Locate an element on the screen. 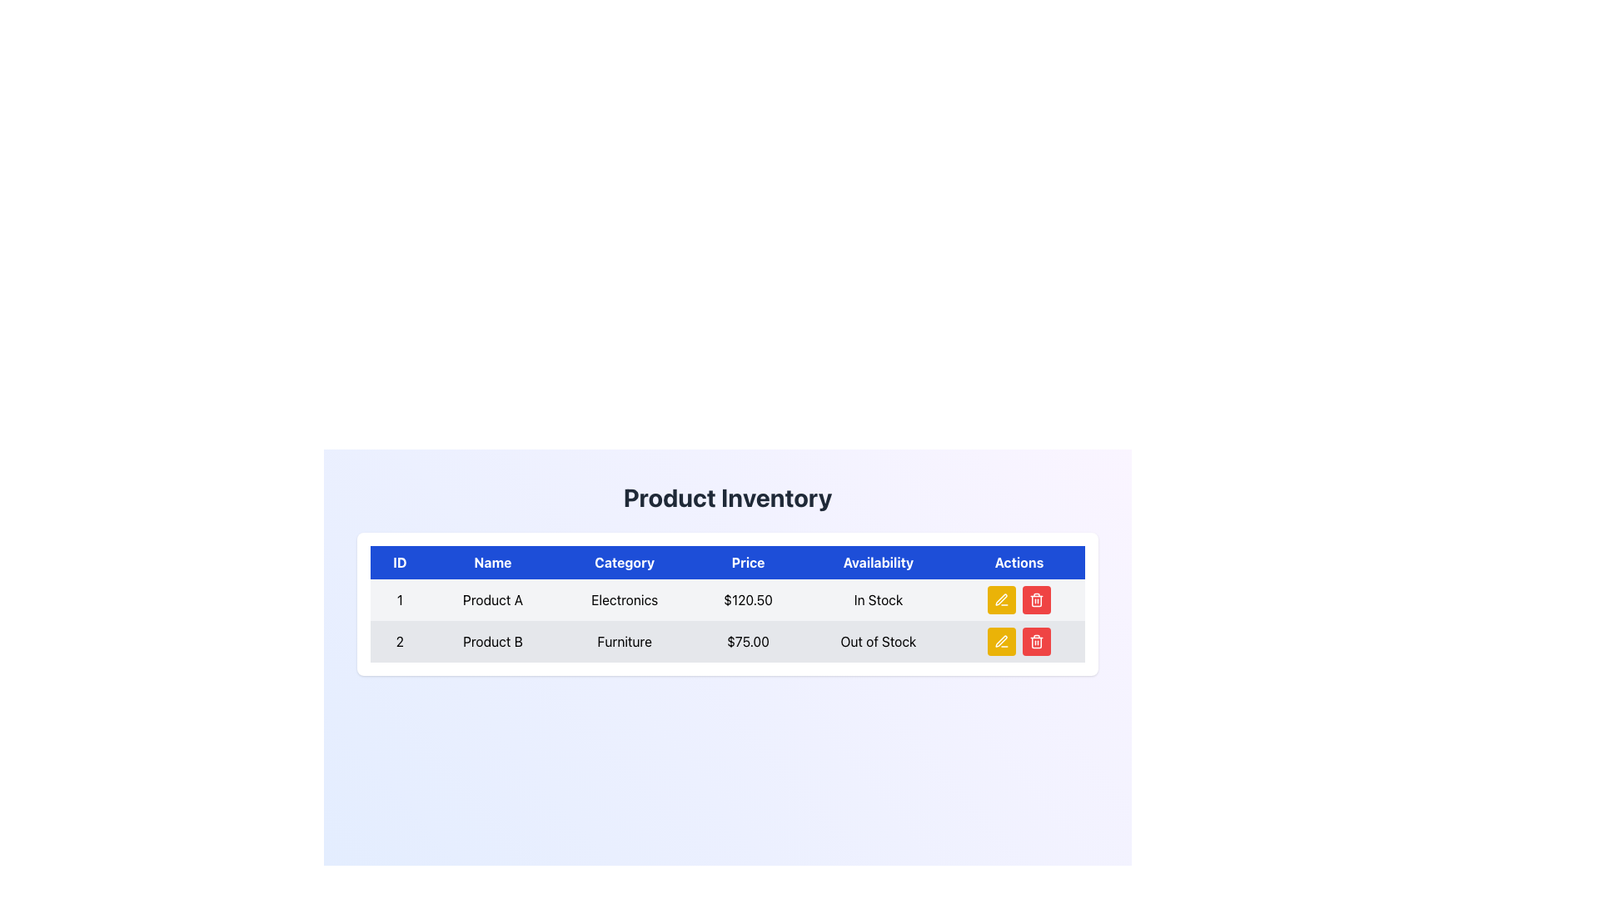  the text label in the second cell of the header row, which indicates product names is located at coordinates (491, 562).